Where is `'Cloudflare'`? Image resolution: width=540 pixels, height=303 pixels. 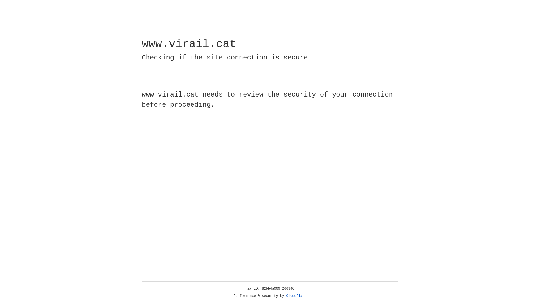
'Cloudflare' is located at coordinates (296, 296).